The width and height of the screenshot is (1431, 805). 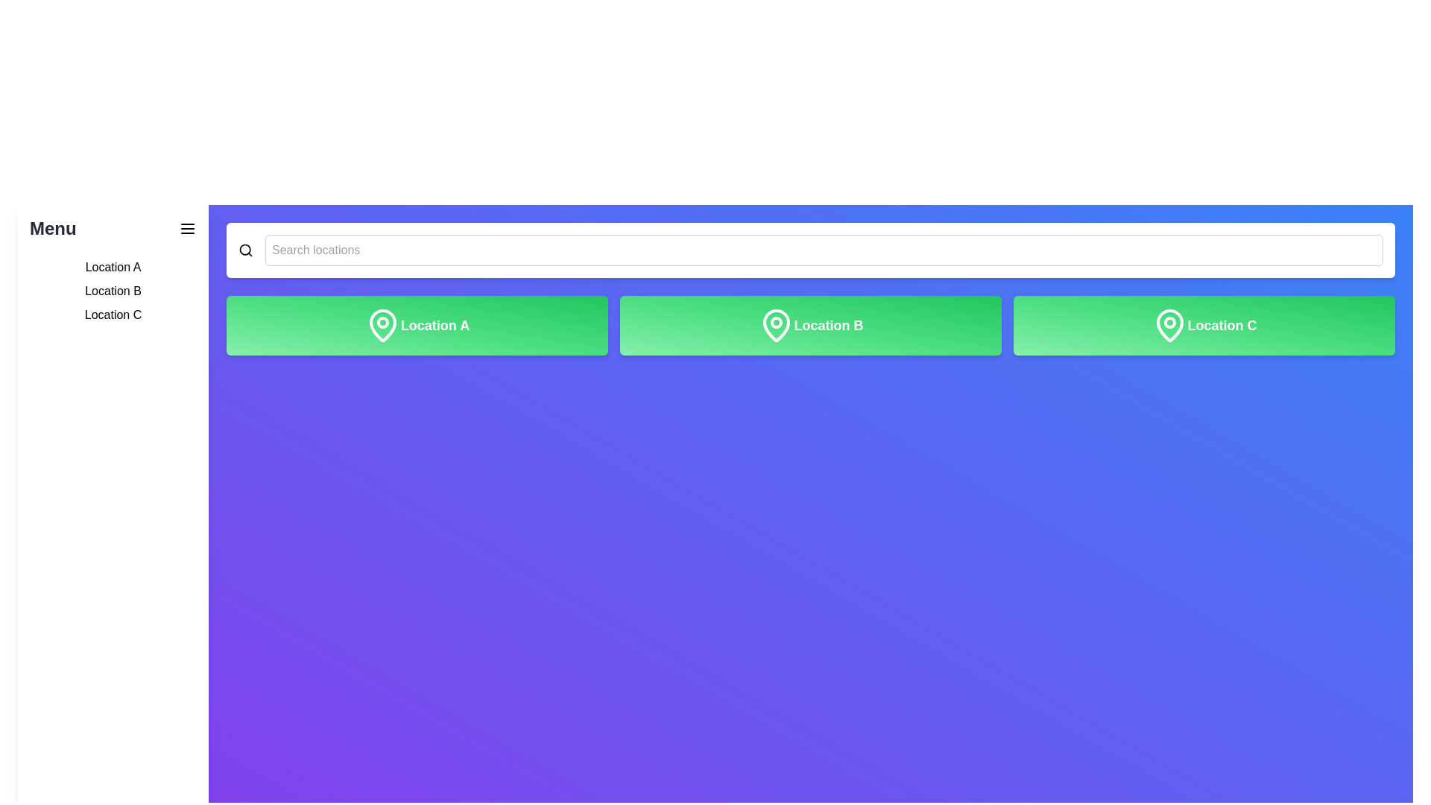 I want to click on the search input field located at the top center of the interface, just below the primary navigation, which has a placeholder text 'Search locations', so click(x=810, y=249).